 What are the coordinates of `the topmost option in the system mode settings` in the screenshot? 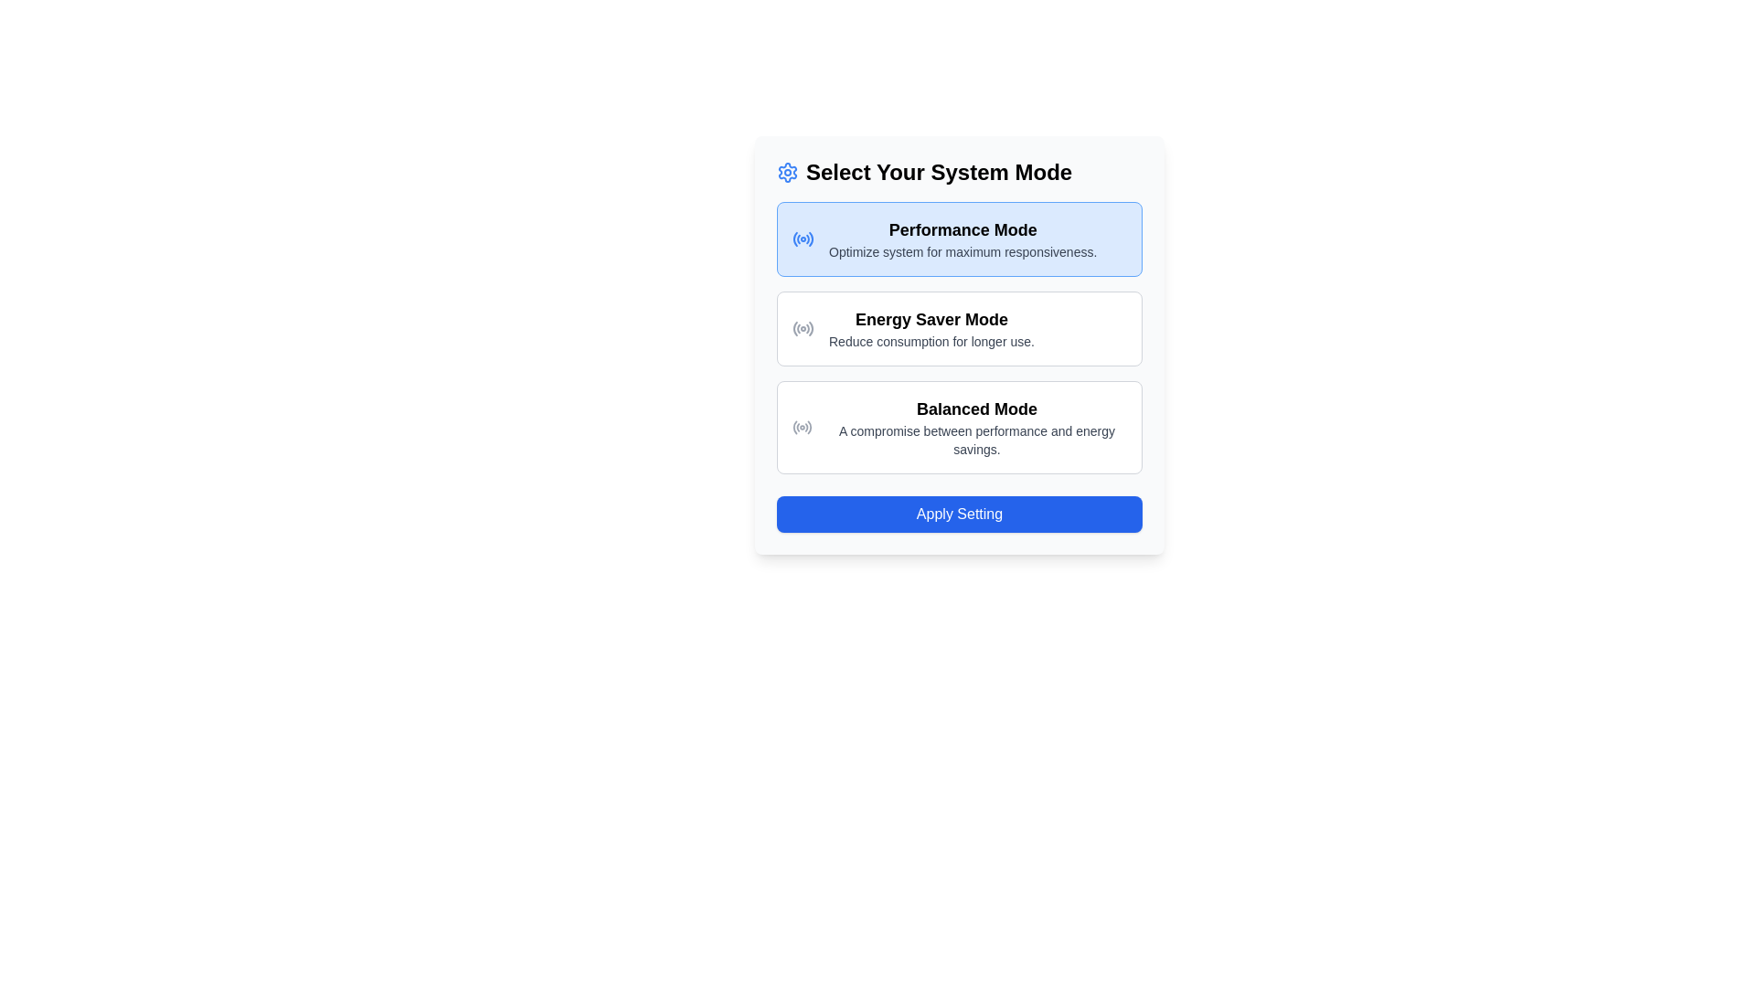 It's located at (959, 239).